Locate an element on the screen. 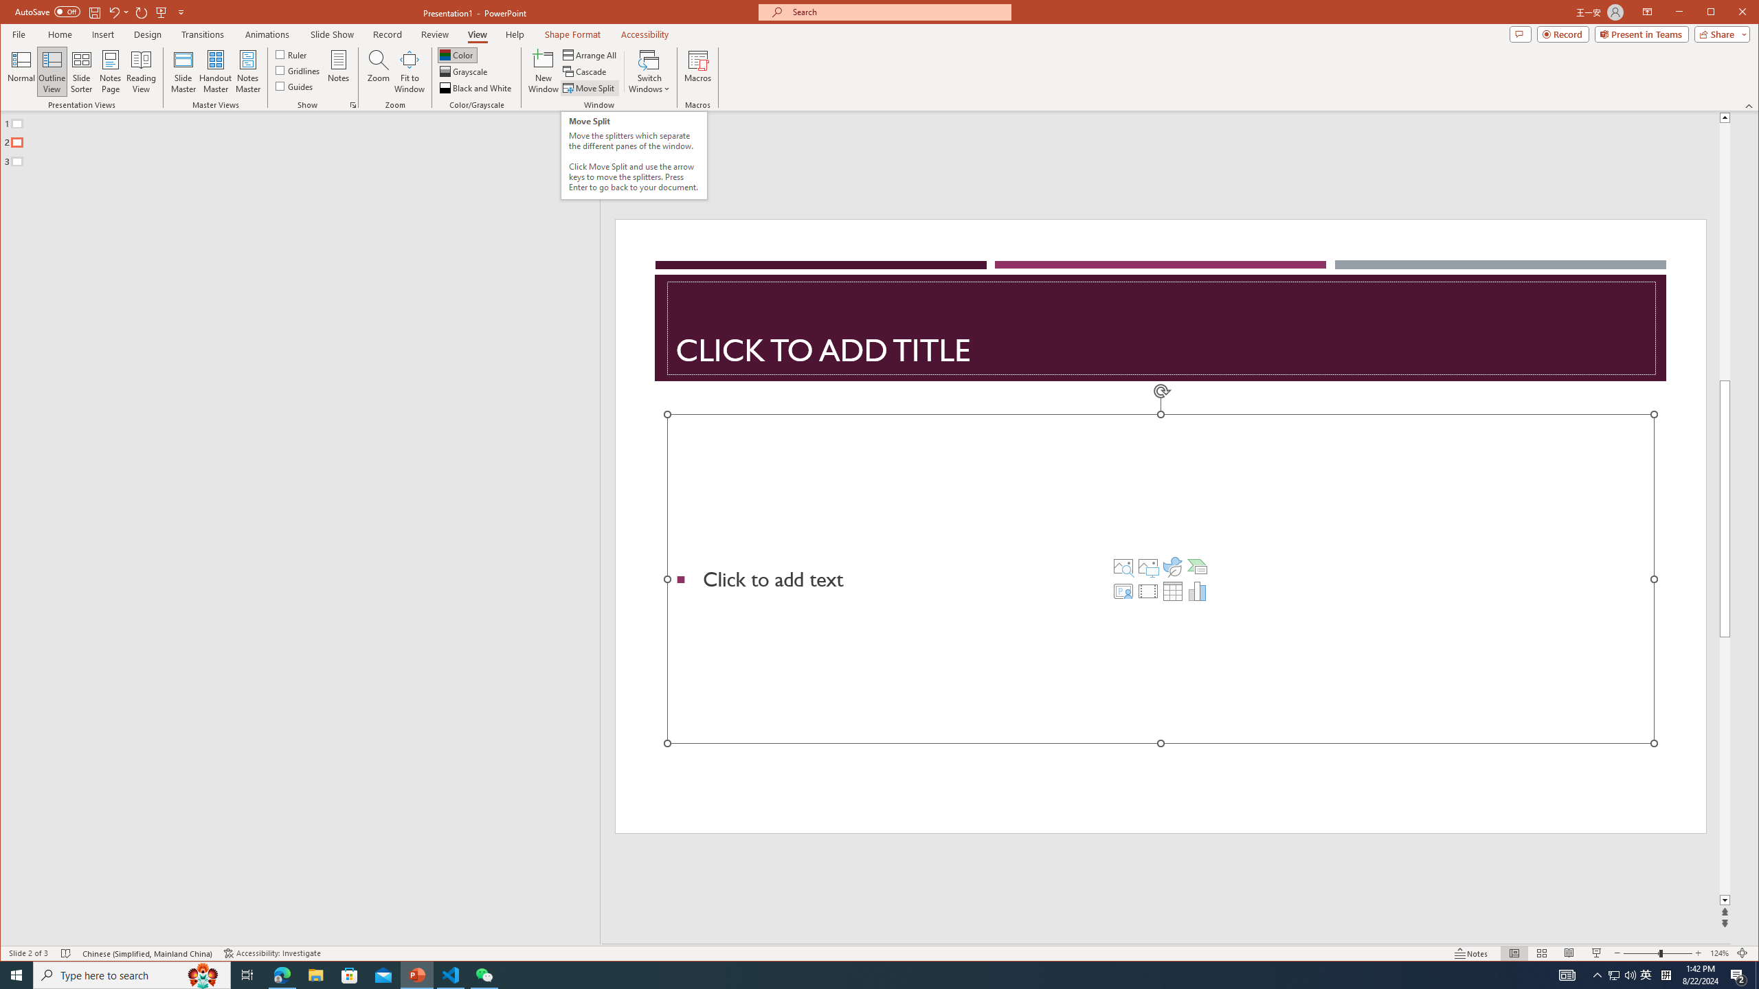 This screenshot has height=989, width=1759. 'Outline View' is located at coordinates (51, 71).